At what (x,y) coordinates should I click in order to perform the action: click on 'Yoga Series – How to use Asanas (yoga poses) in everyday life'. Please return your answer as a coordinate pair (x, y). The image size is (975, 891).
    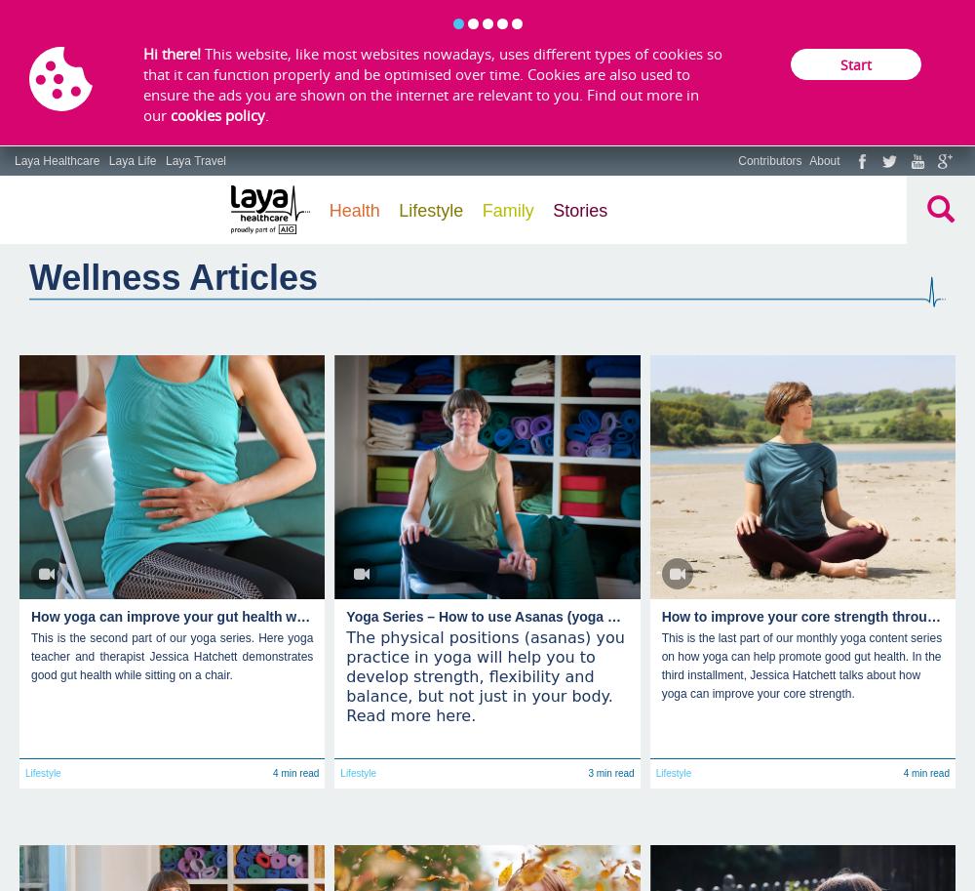
    Looking at the image, I should click on (549, 615).